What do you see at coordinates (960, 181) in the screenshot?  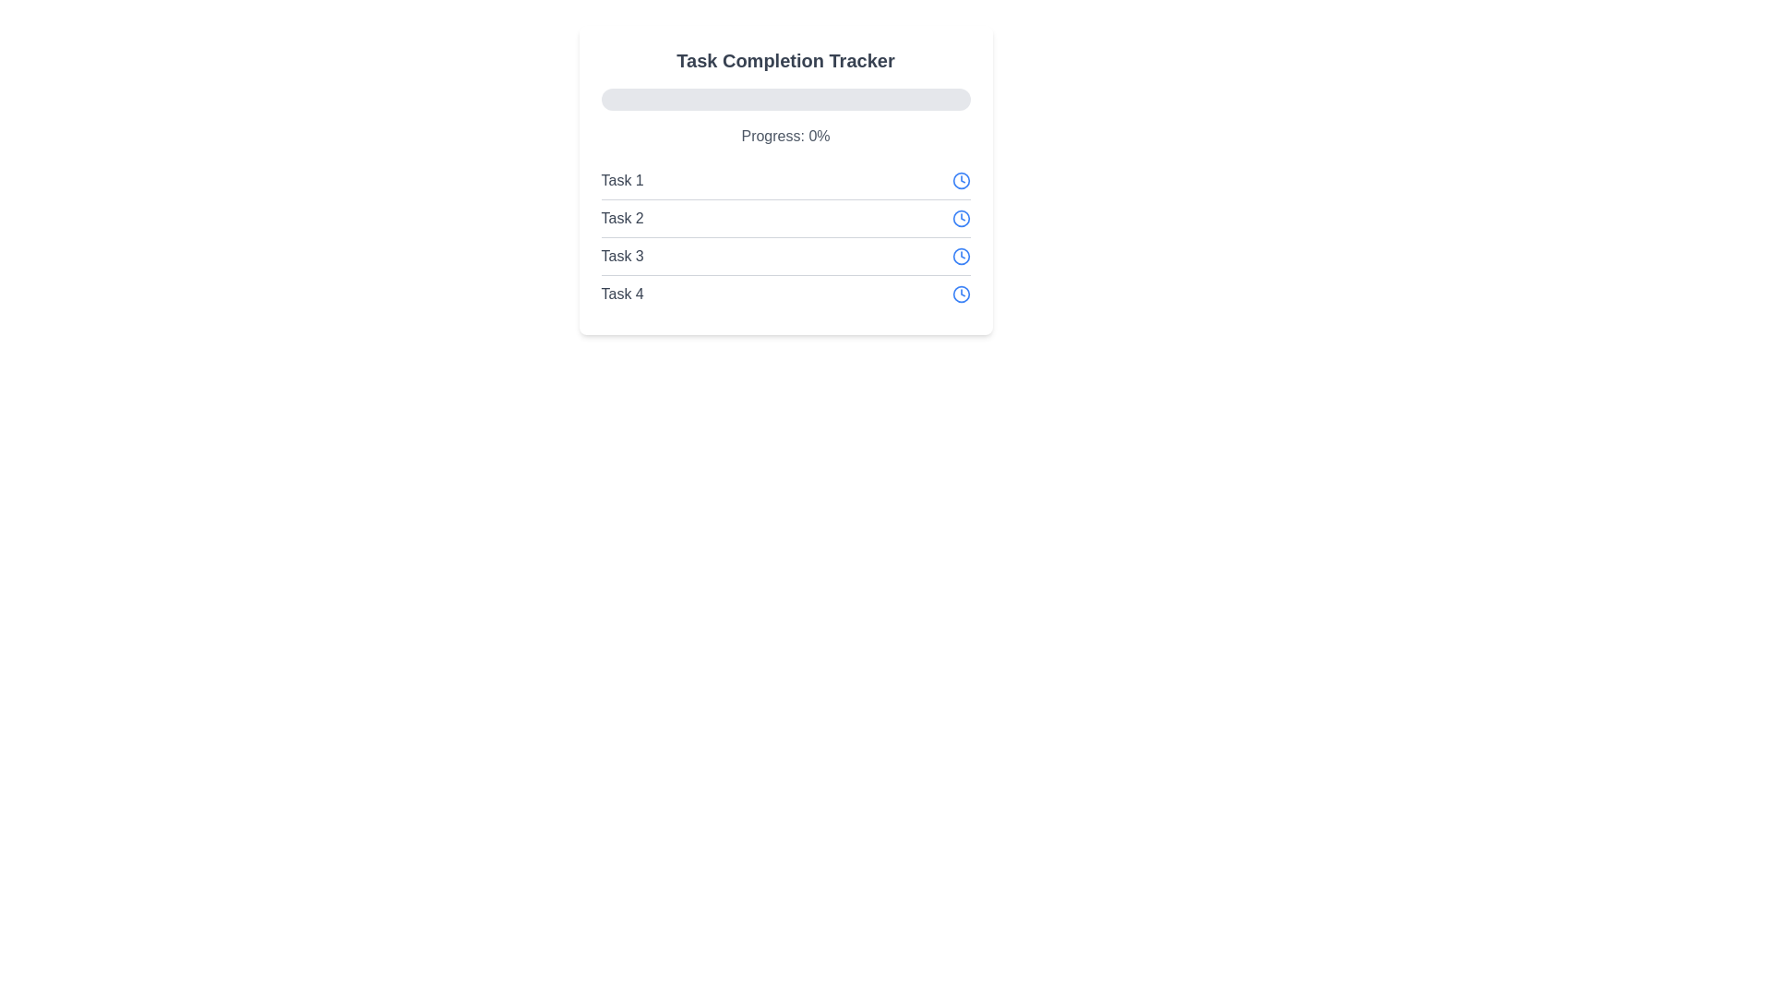 I see `the interactive clock icon in the 'Task Completion Tracker'` at bounding box center [960, 181].